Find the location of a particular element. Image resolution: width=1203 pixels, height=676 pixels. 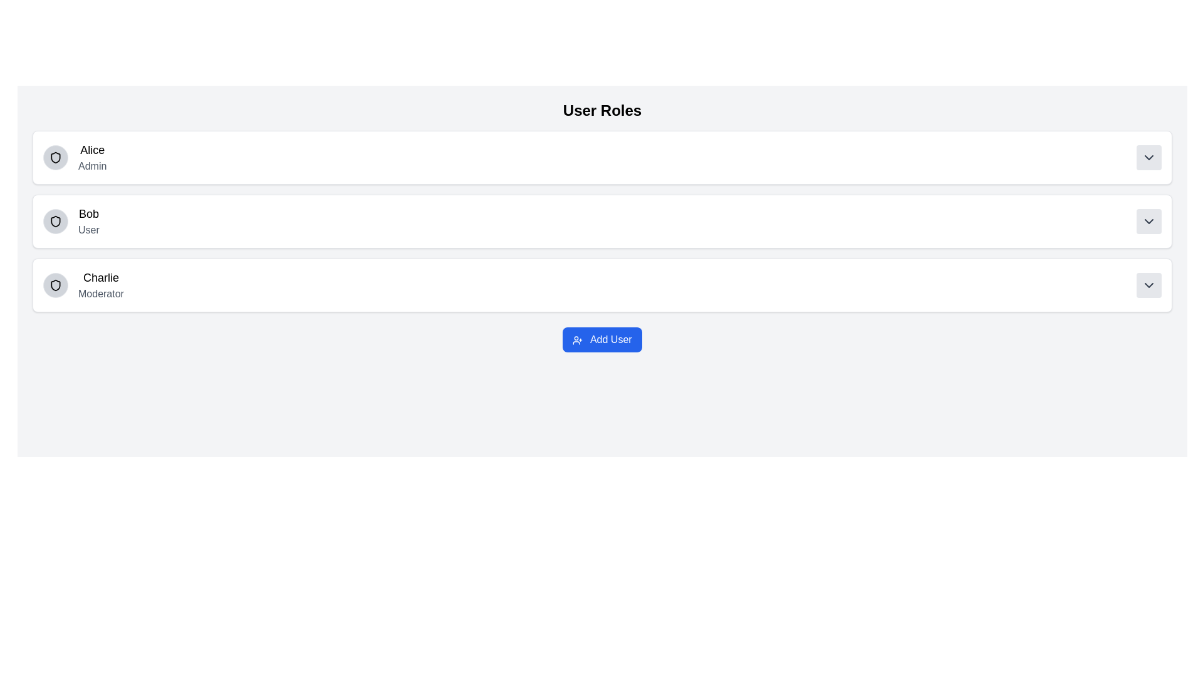

the user label 'Alice' with the role 'Admin', which is styled with a larger bold font and accompanied by a gray circular icon with a black outlined shield is located at coordinates (74, 156).